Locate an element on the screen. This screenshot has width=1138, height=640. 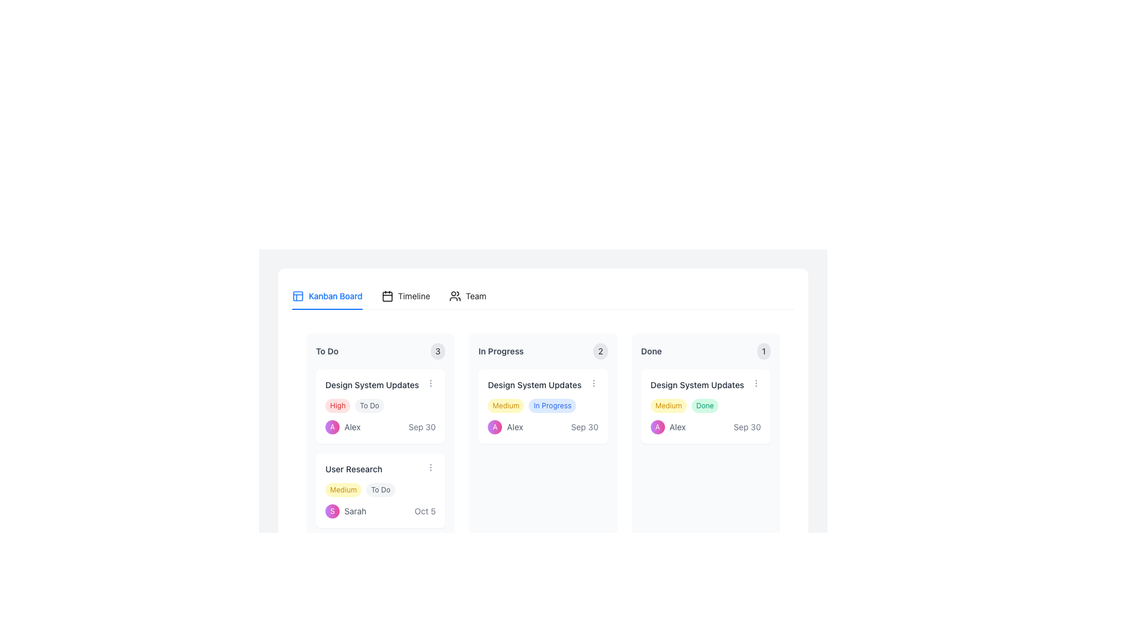
the badge or label indicating the number of tasks in the 'Done' category, positioned at the top right corner beside the 'Done' text is located at coordinates (763, 351).